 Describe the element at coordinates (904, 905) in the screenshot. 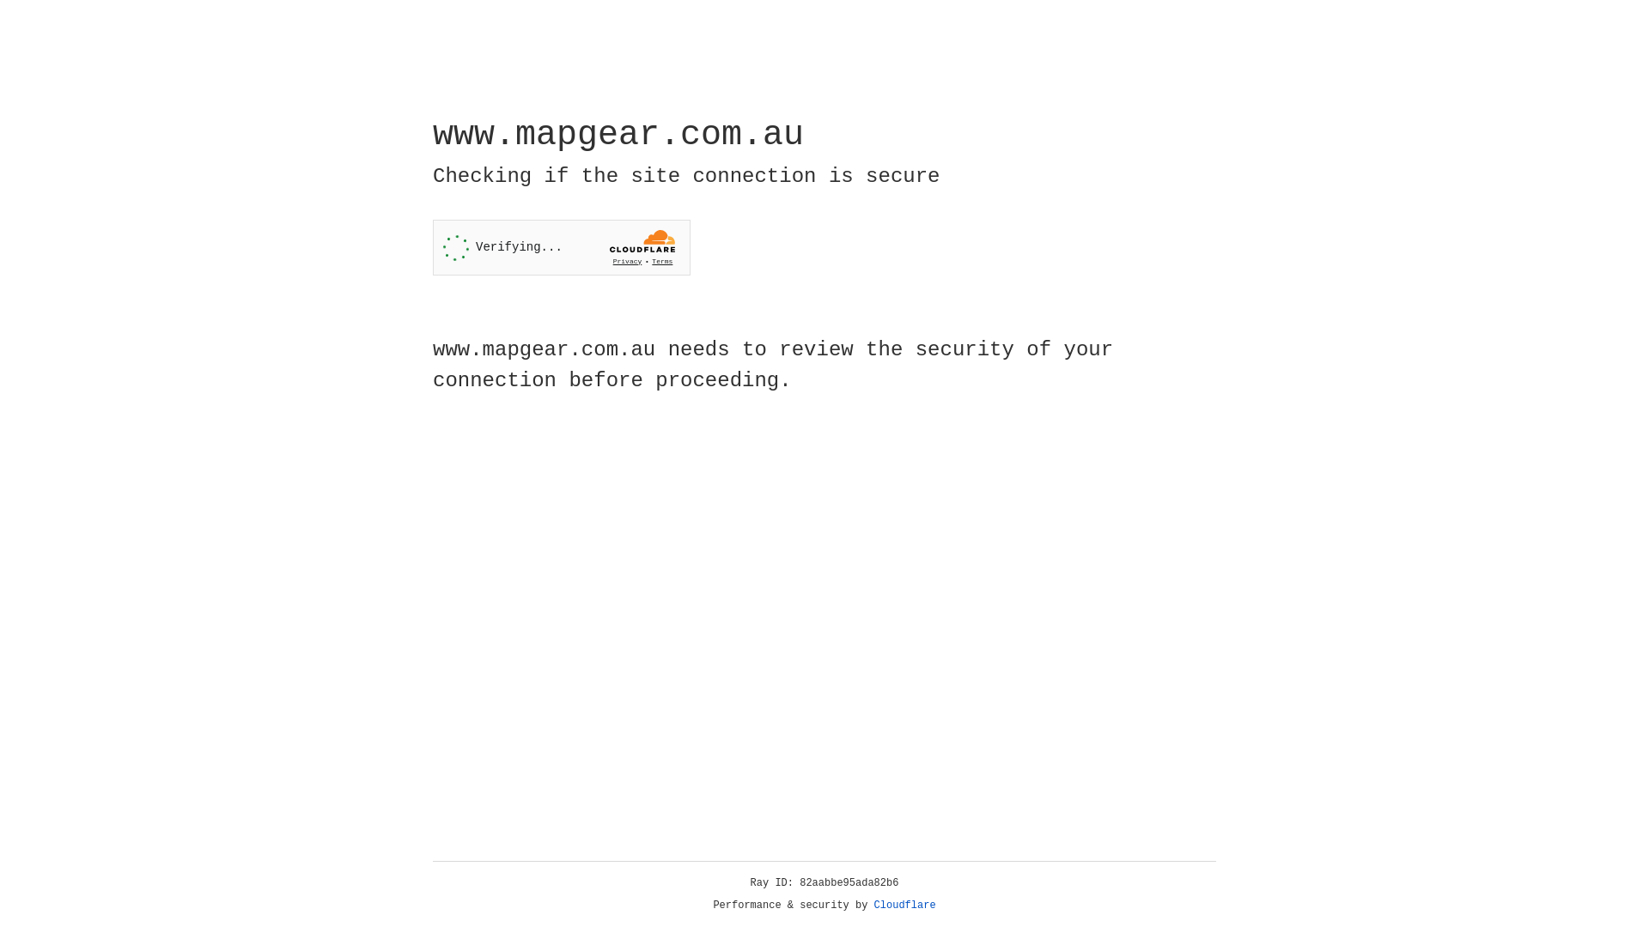

I see `'Cloudflare'` at that location.